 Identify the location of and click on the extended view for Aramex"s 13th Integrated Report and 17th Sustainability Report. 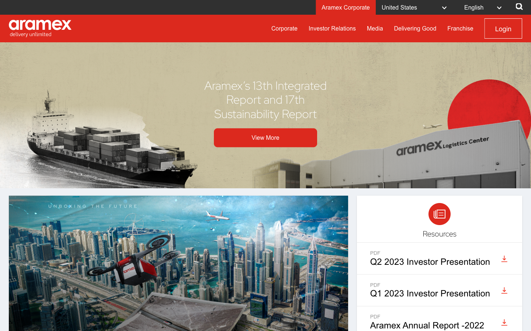
(265, 138).